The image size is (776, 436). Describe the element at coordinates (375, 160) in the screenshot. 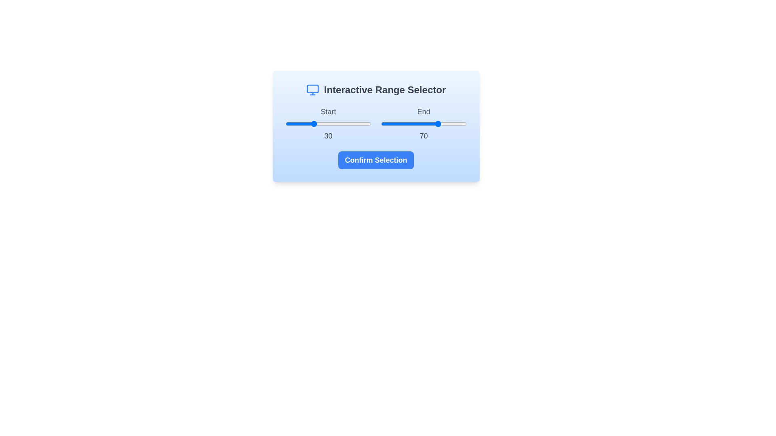

I see `'Confirm Selection' button` at that location.